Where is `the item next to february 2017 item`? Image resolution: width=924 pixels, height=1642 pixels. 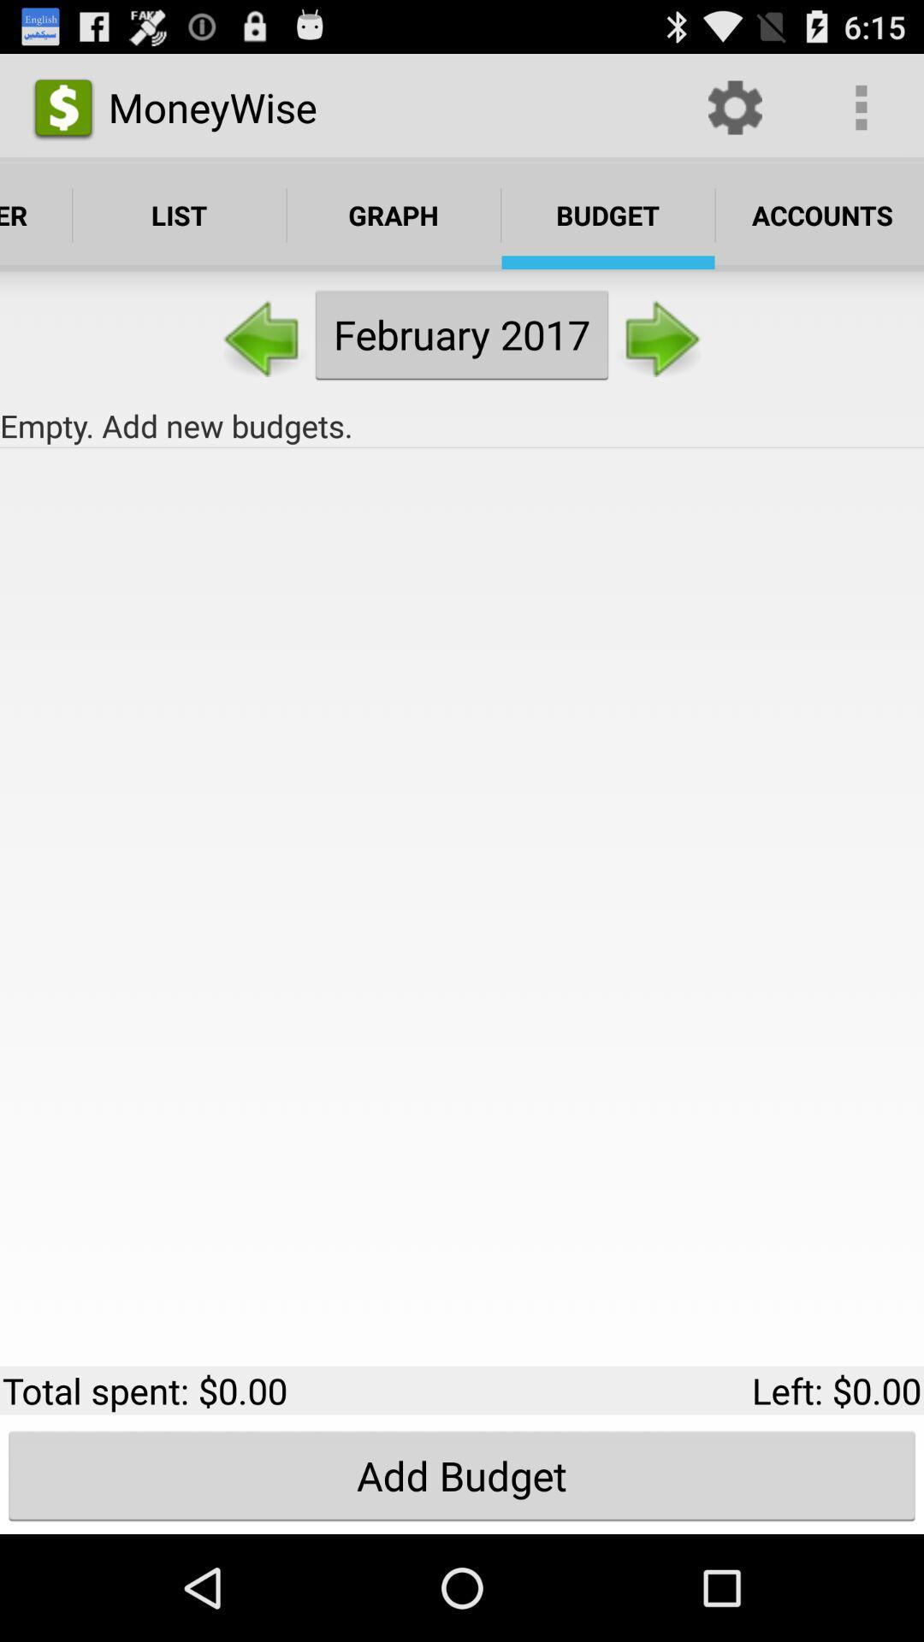 the item next to february 2017 item is located at coordinates (264, 334).